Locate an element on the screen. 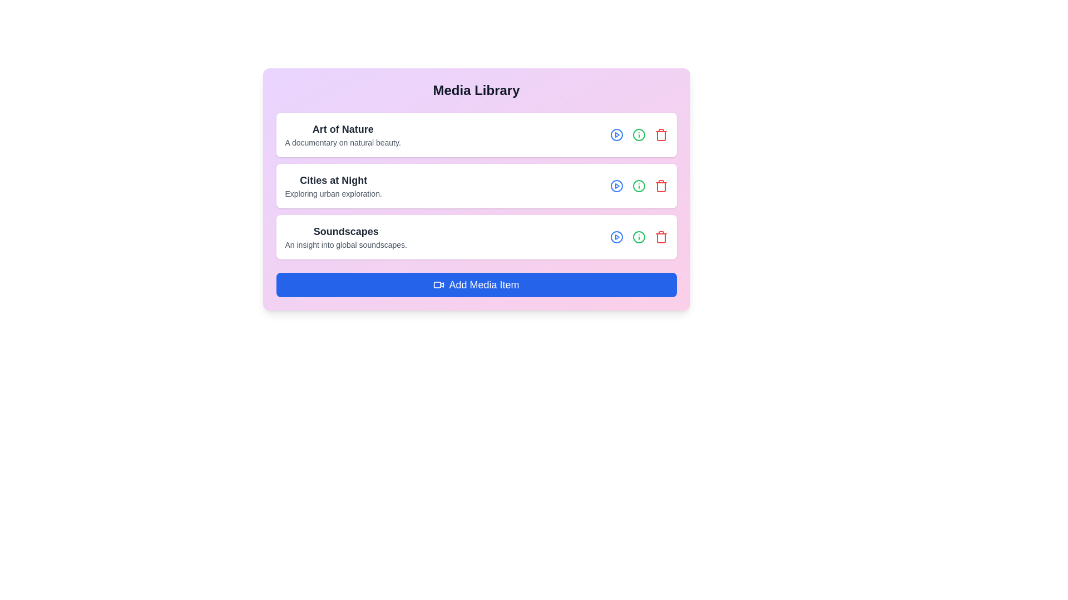 This screenshot has width=1068, height=600. the play icon for the media item titled 'Cities at Night' is located at coordinates (616, 186).